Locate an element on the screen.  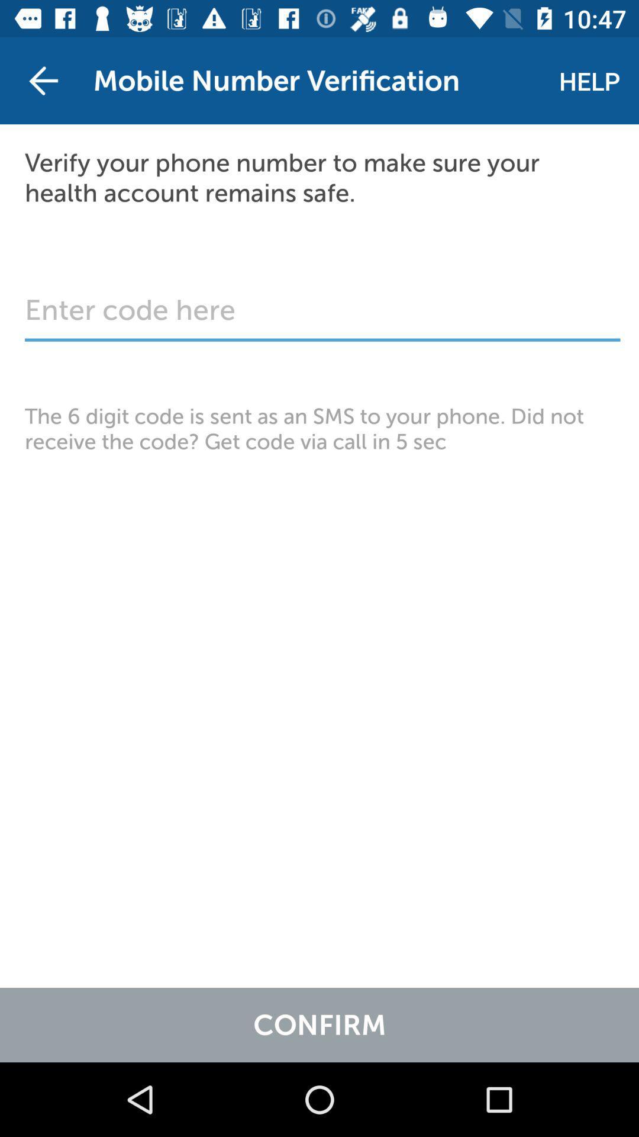
the icon above the verify your phone is located at coordinates (43, 80).